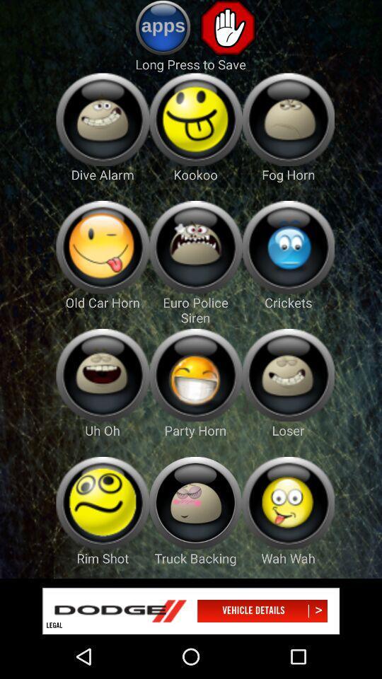  What do you see at coordinates (191, 610) in the screenshot?
I see `open advertisement` at bounding box center [191, 610].